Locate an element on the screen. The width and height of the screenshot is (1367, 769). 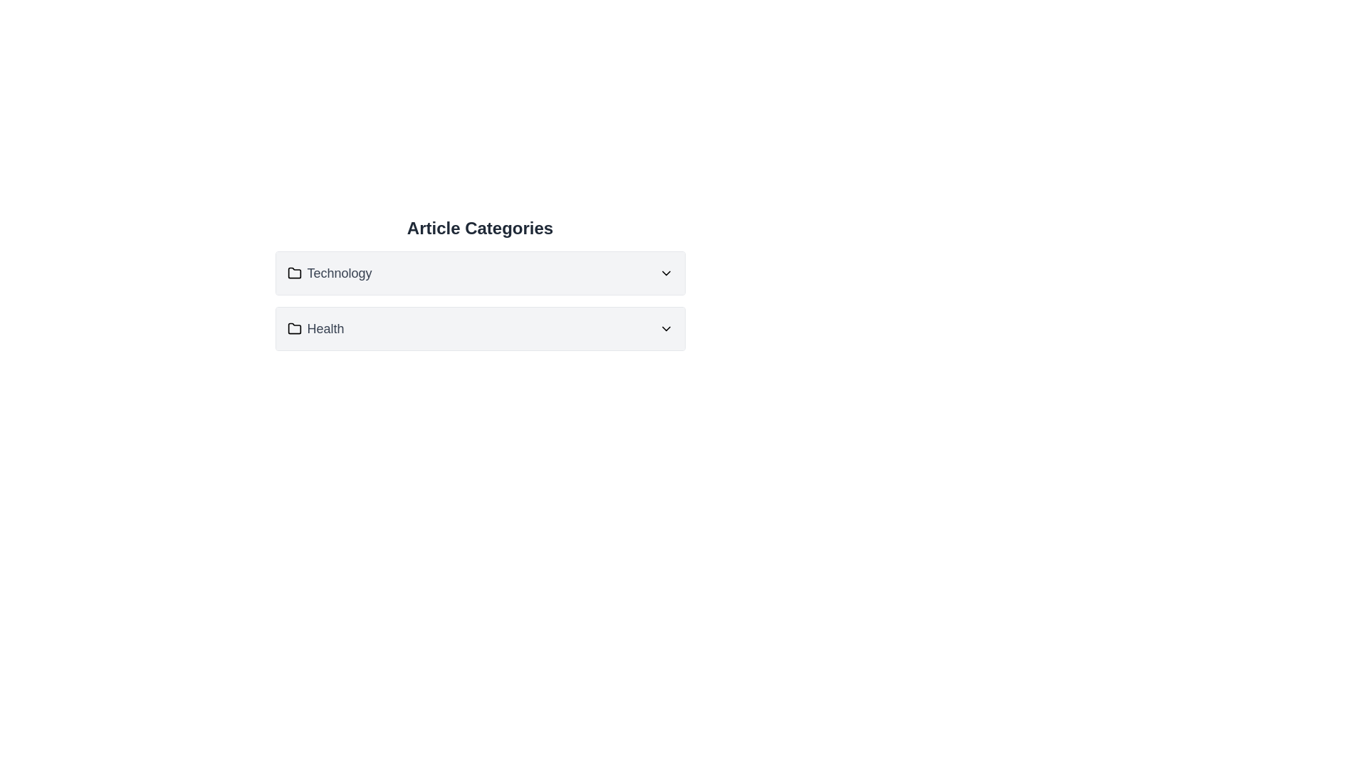
the 'Health' category label located to the right of the folder icon under 'Article Categories' is located at coordinates (325, 329).